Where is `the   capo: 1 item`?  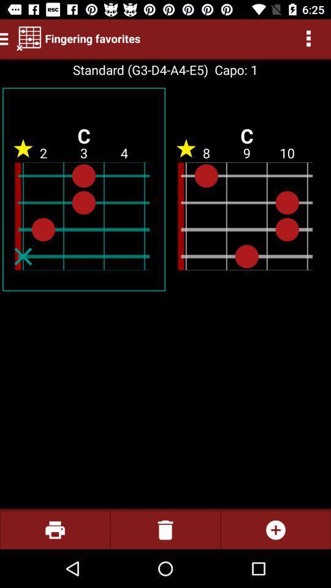 the   capo: 1 item is located at coordinates (233, 70).